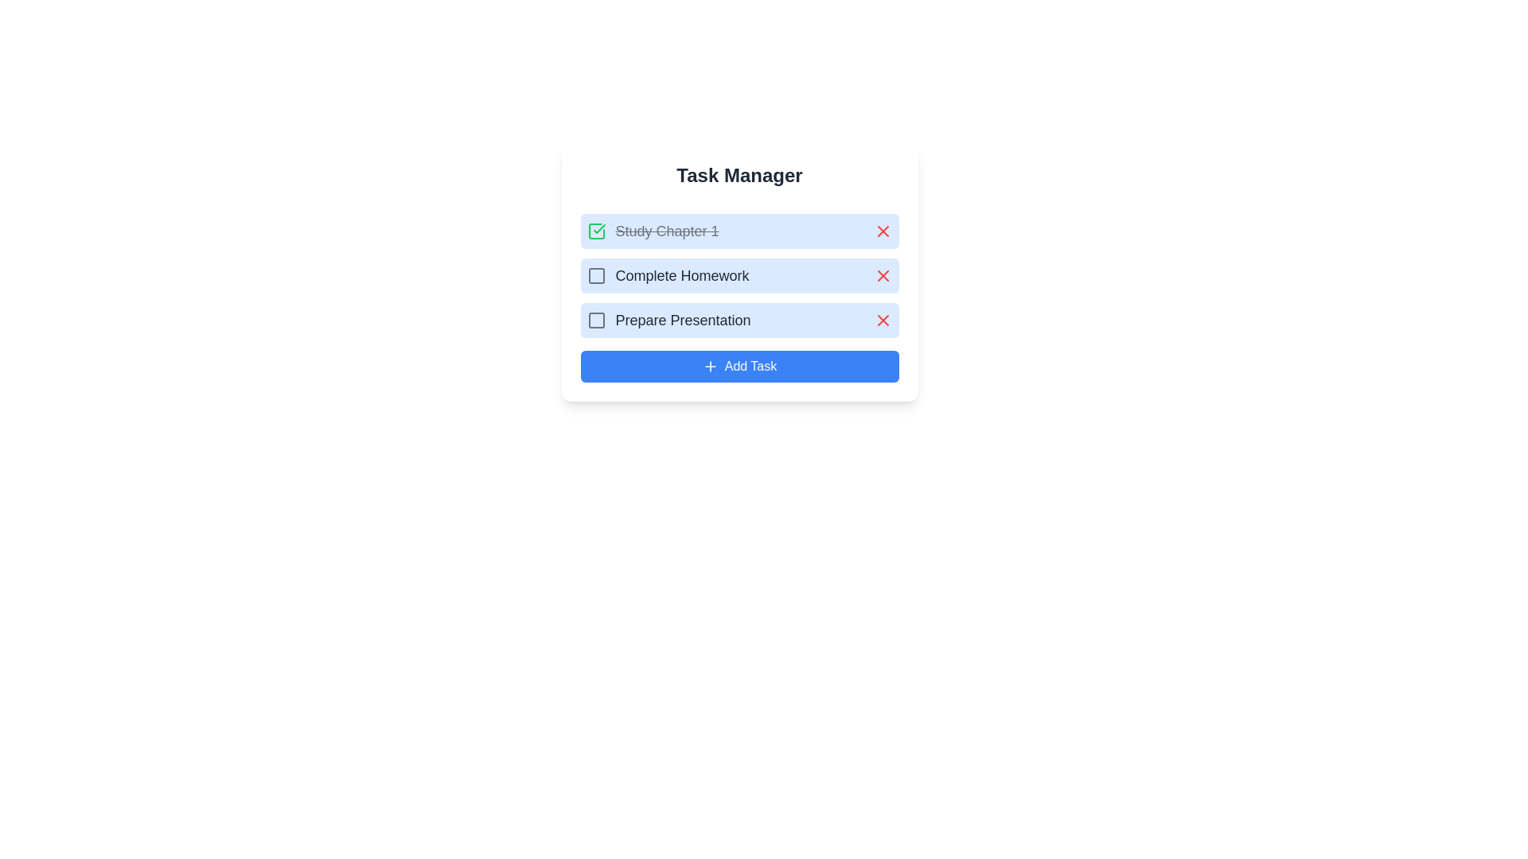 Image resolution: width=1528 pixels, height=859 pixels. Describe the element at coordinates (595, 275) in the screenshot. I see `the 'Complete Homework' checkbox` at that location.